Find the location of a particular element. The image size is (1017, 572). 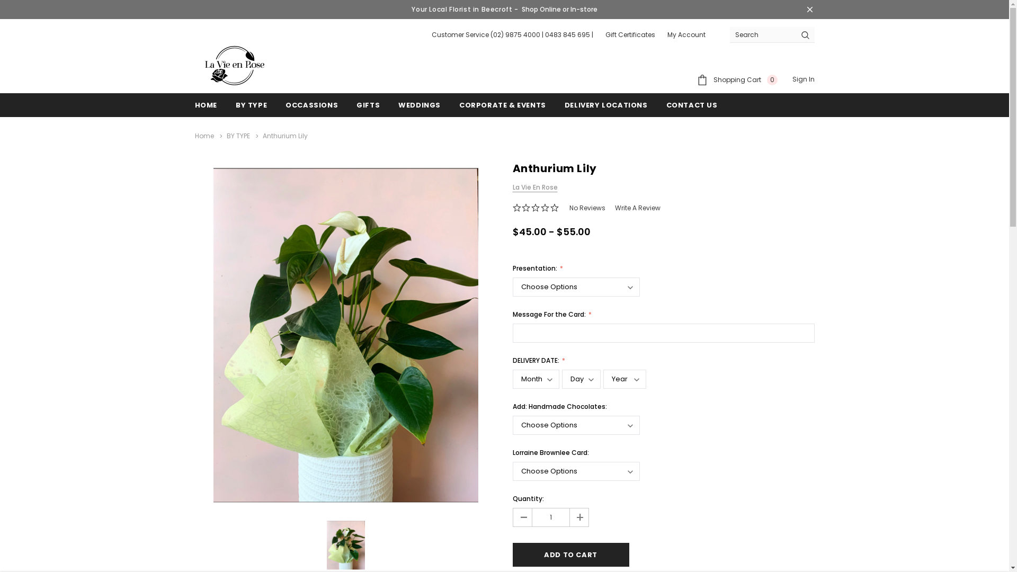

'OCCASSIONS' is located at coordinates (311, 105).